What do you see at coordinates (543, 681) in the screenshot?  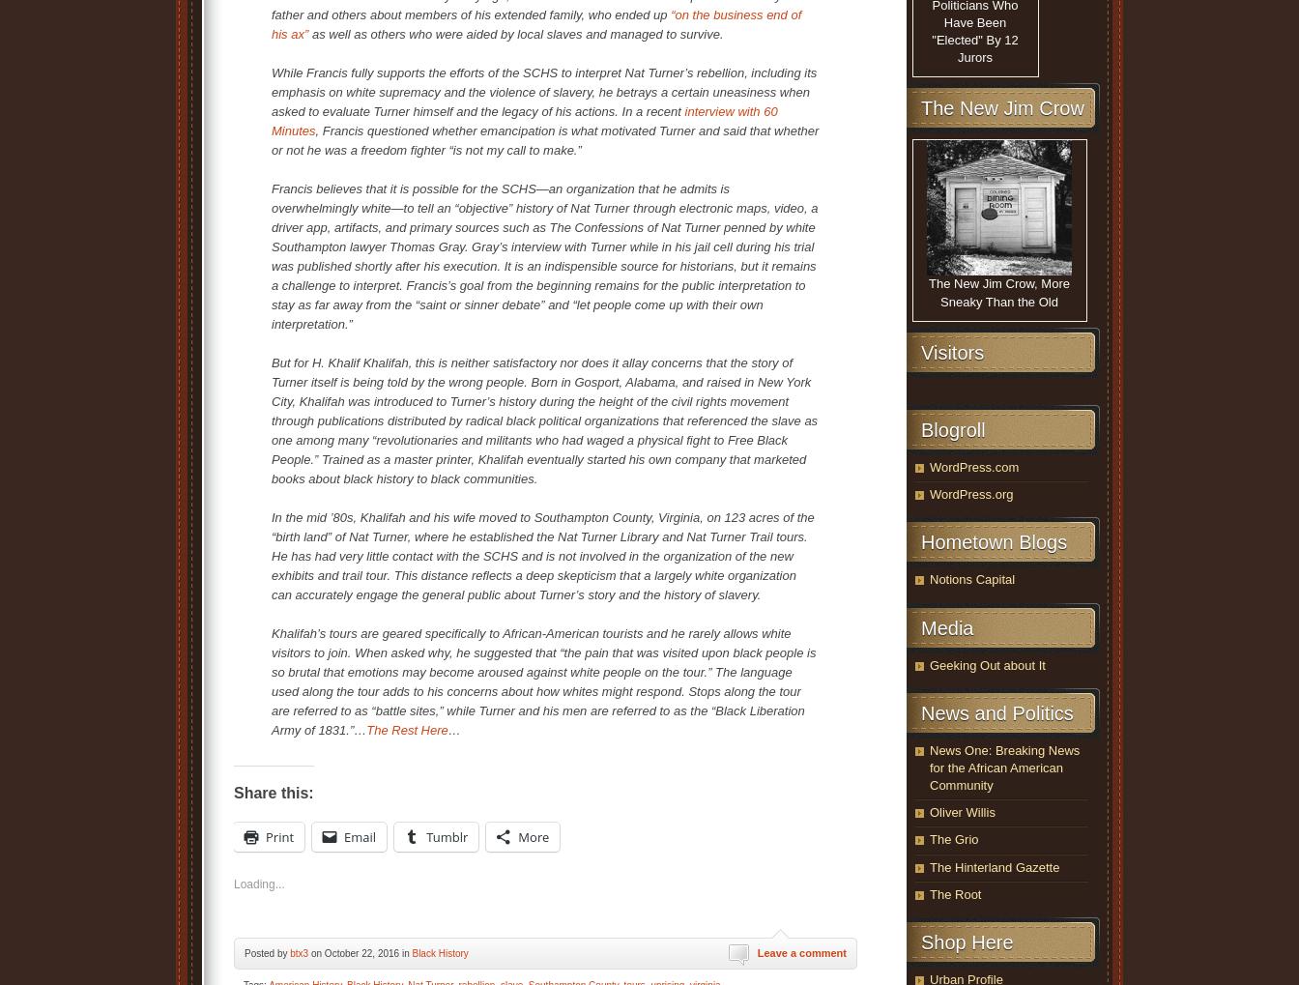 I see `'Khalifah’s tours are geared specifically to African-American tourists and he rarely allows white visitors to join. When asked why, he suggested that “the pain that was visited upon black people is so brutal that emotions may become aroused against white people on the tour.” The language used along the tour adds to his concerns about how whites might respond. Stops along the tour are referred to as “battle sites,” while Turner and his men are referred to as the “Black Liberation Army of 1831.”…'` at bounding box center [543, 681].